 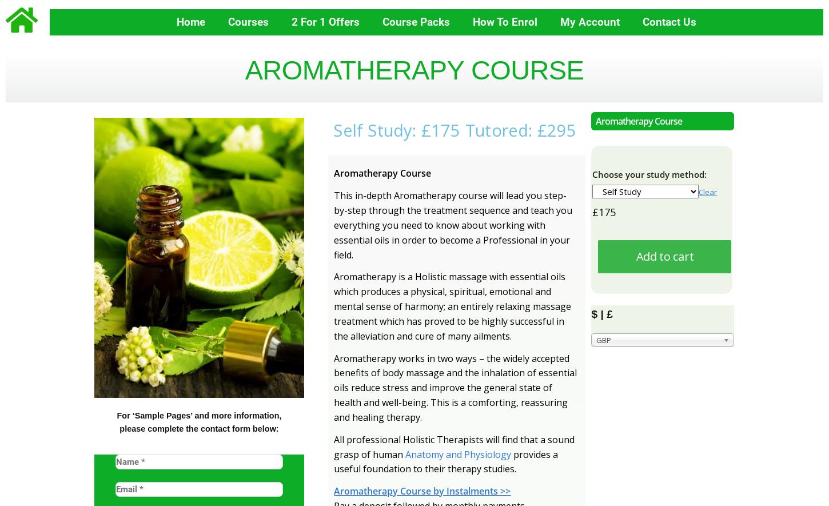 I want to click on 'My Account', so click(x=589, y=21).